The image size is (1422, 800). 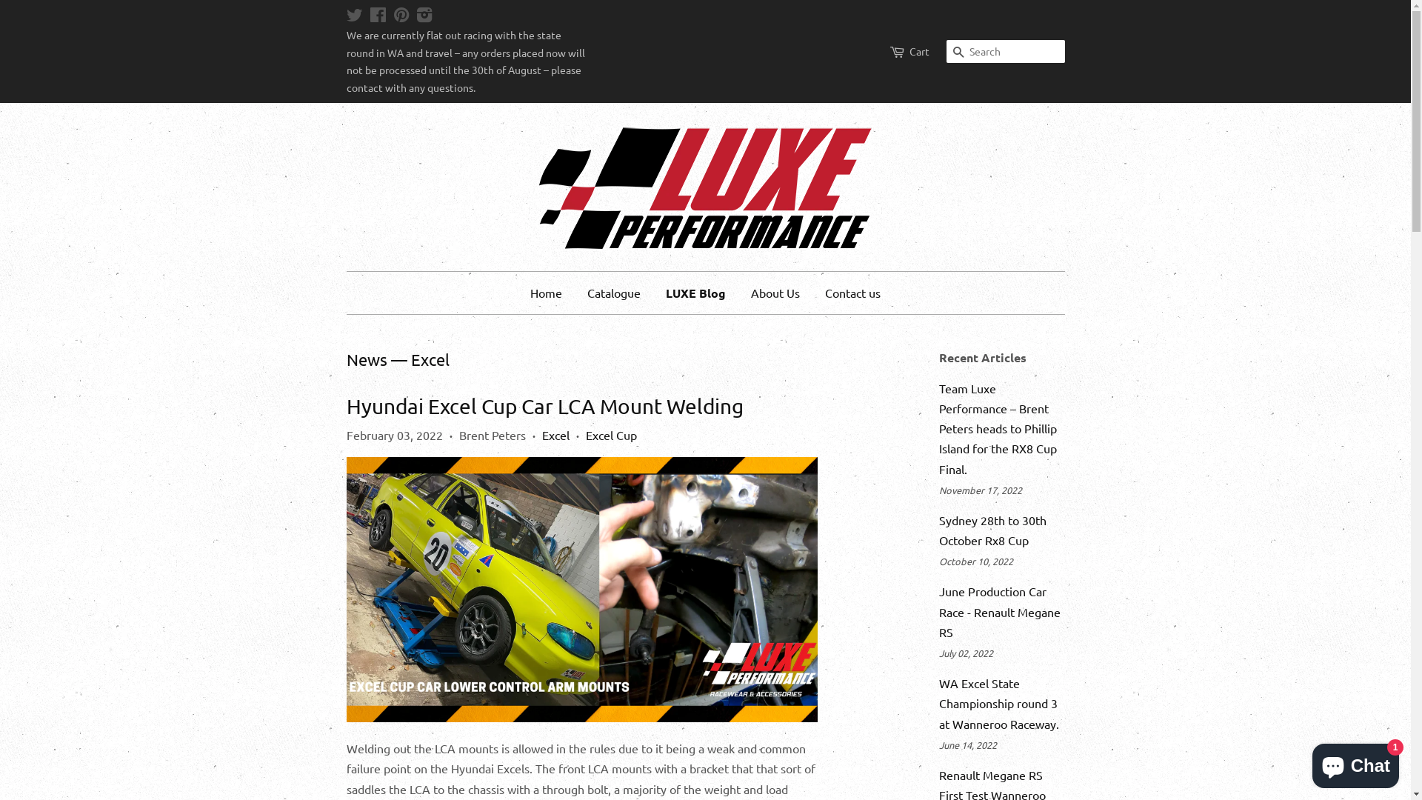 What do you see at coordinates (774, 293) in the screenshot?
I see `'About Us'` at bounding box center [774, 293].